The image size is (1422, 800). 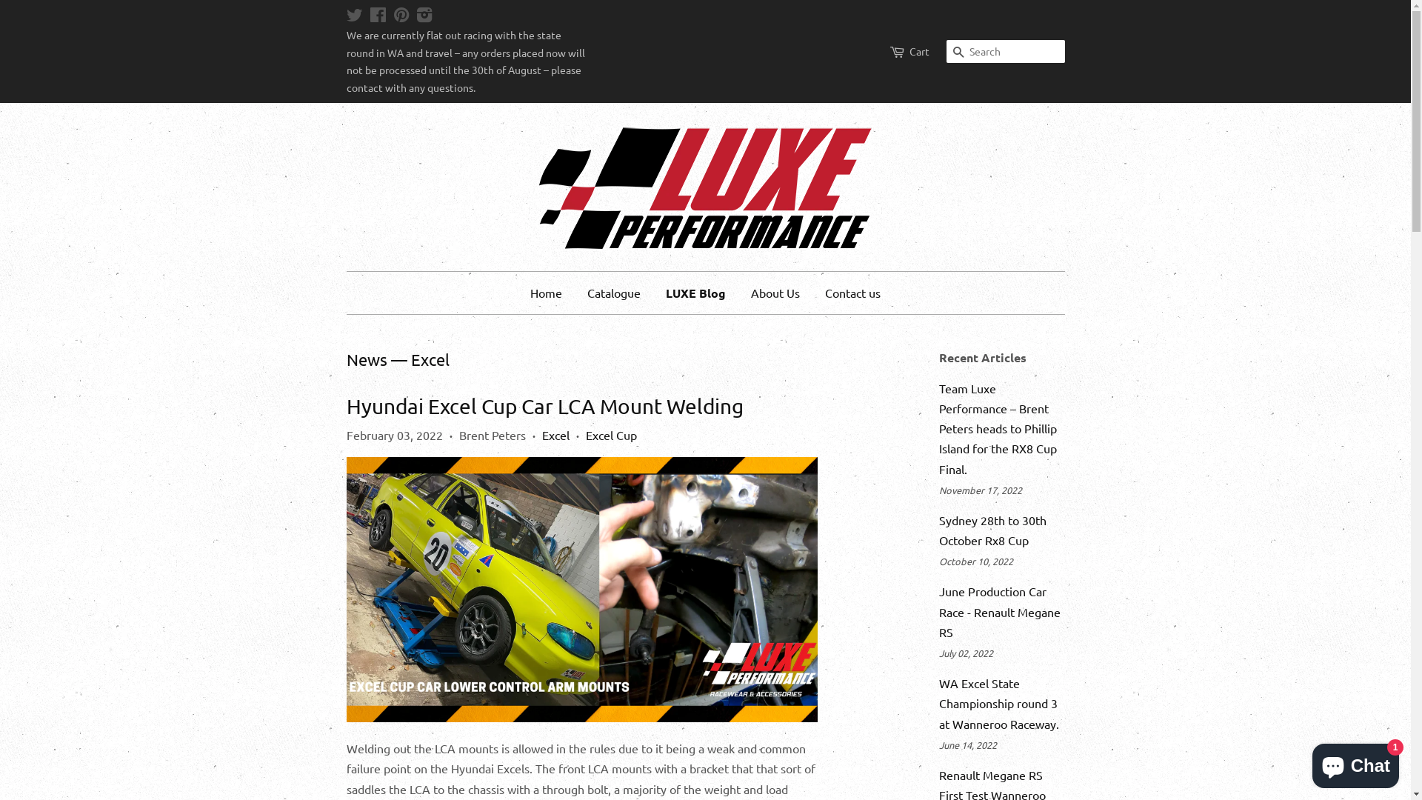 What do you see at coordinates (774, 293) in the screenshot?
I see `'About Us'` at bounding box center [774, 293].